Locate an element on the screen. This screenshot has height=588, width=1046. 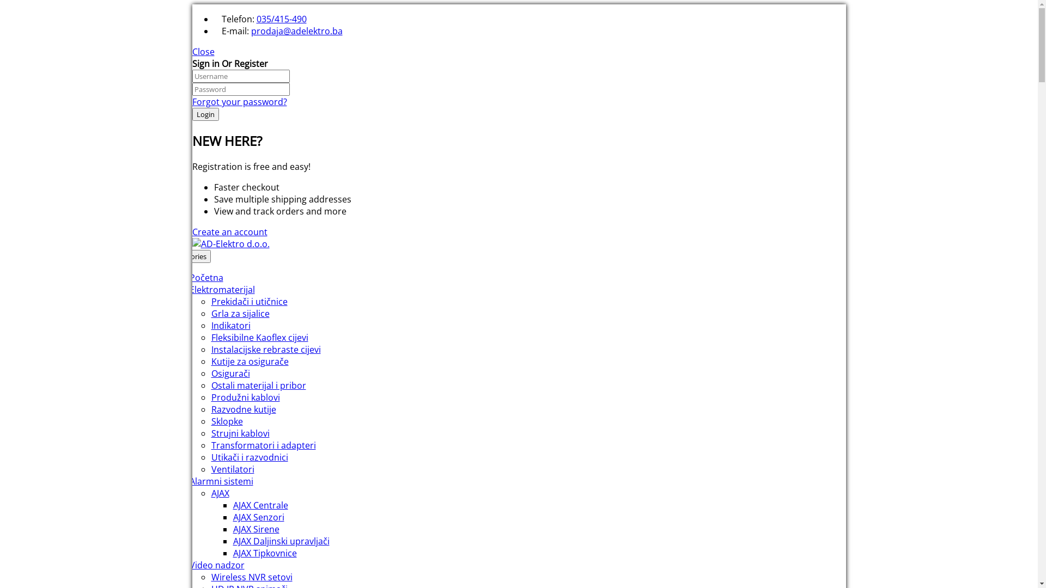
'Sklopke' is located at coordinates (227, 421).